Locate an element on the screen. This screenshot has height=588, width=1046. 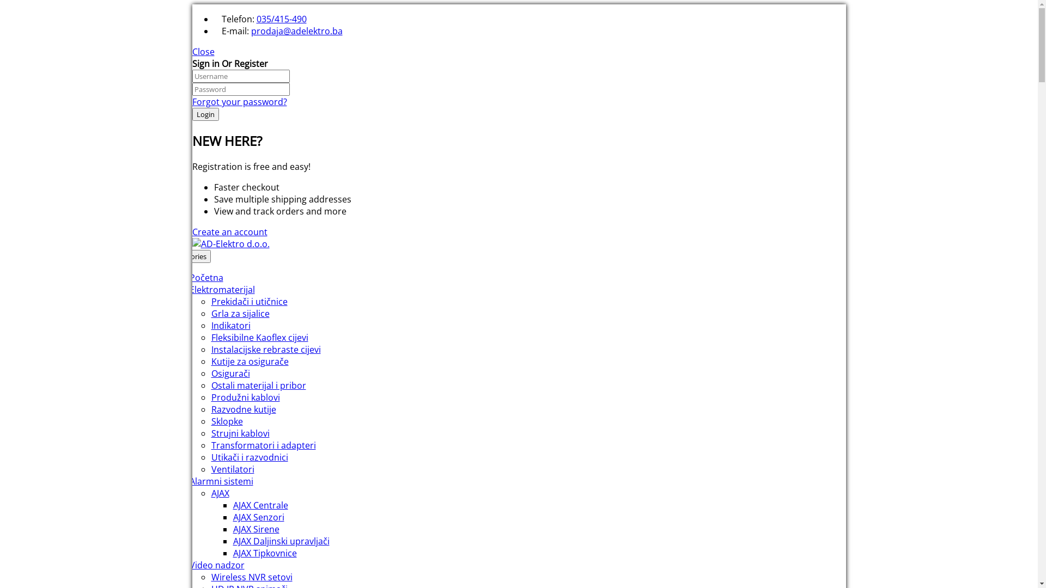
'Sklopke' is located at coordinates (227, 421).